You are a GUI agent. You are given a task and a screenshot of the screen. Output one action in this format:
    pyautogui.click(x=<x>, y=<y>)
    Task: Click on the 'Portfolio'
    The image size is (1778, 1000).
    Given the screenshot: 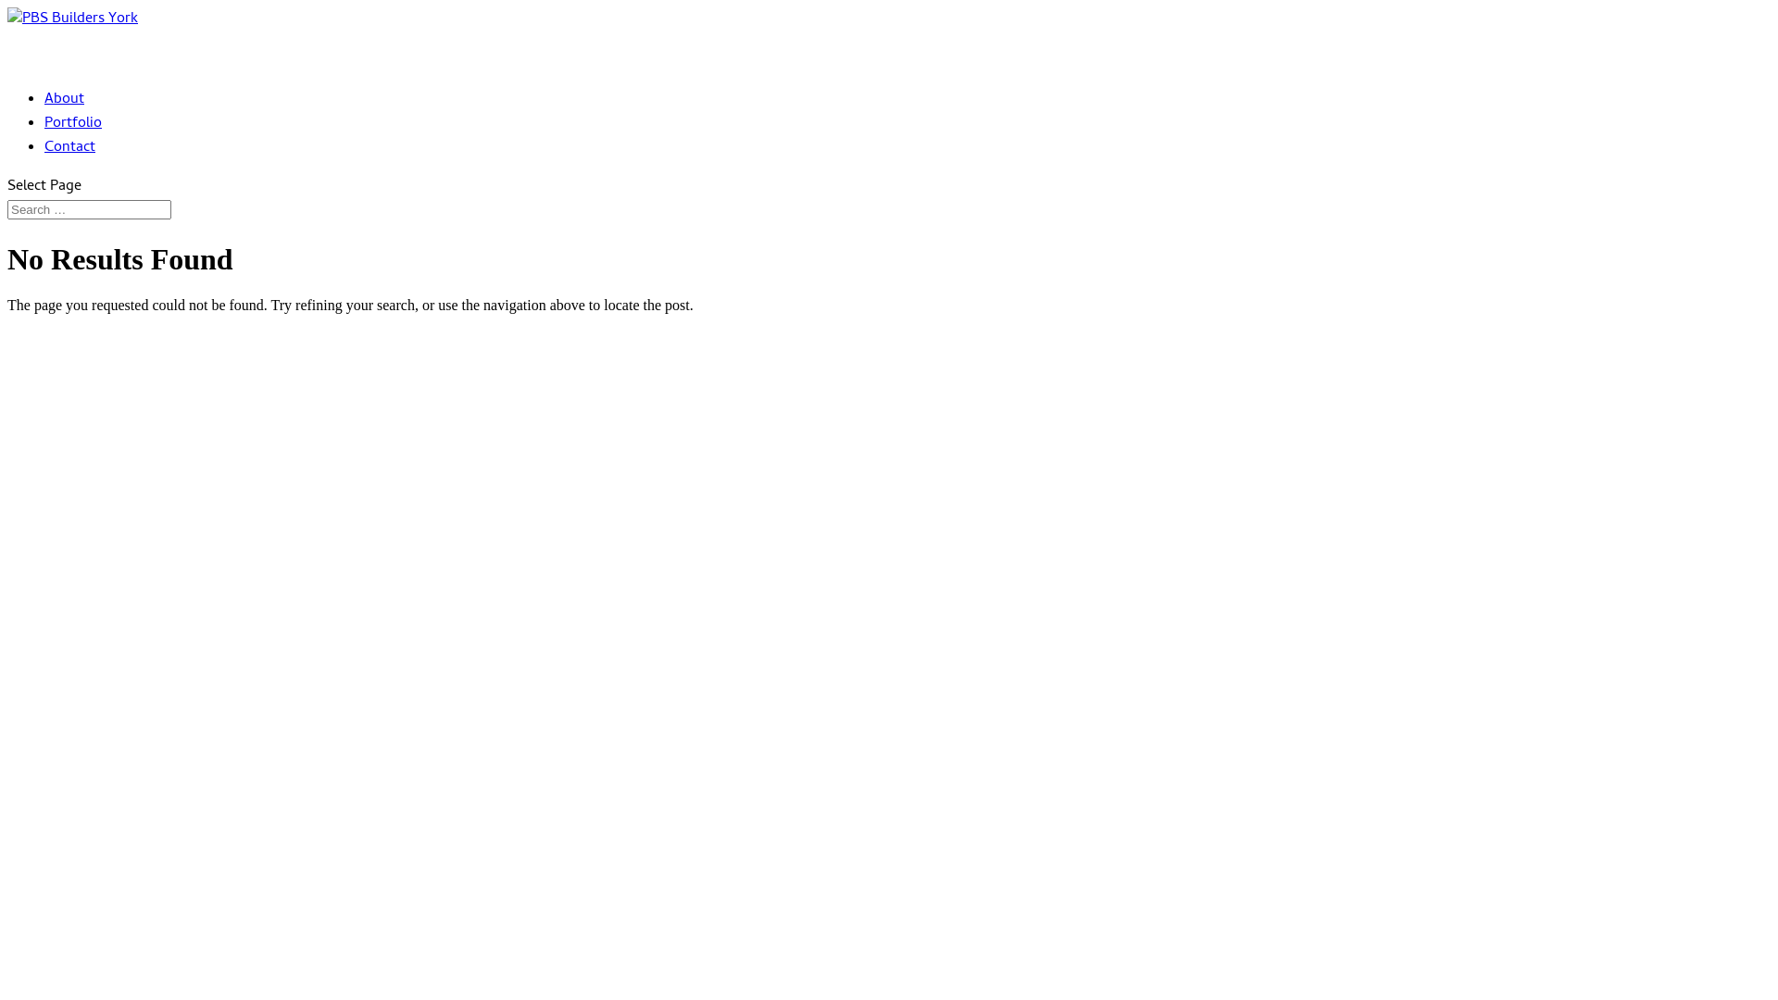 What is the action you would take?
    pyautogui.click(x=72, y=144)
    